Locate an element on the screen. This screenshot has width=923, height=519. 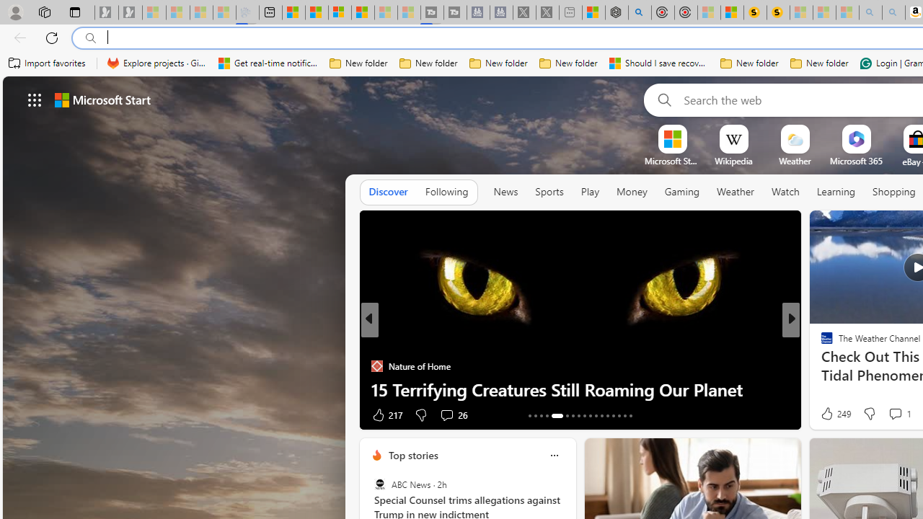
'Import favorites' is located at coordinates (47, 63).